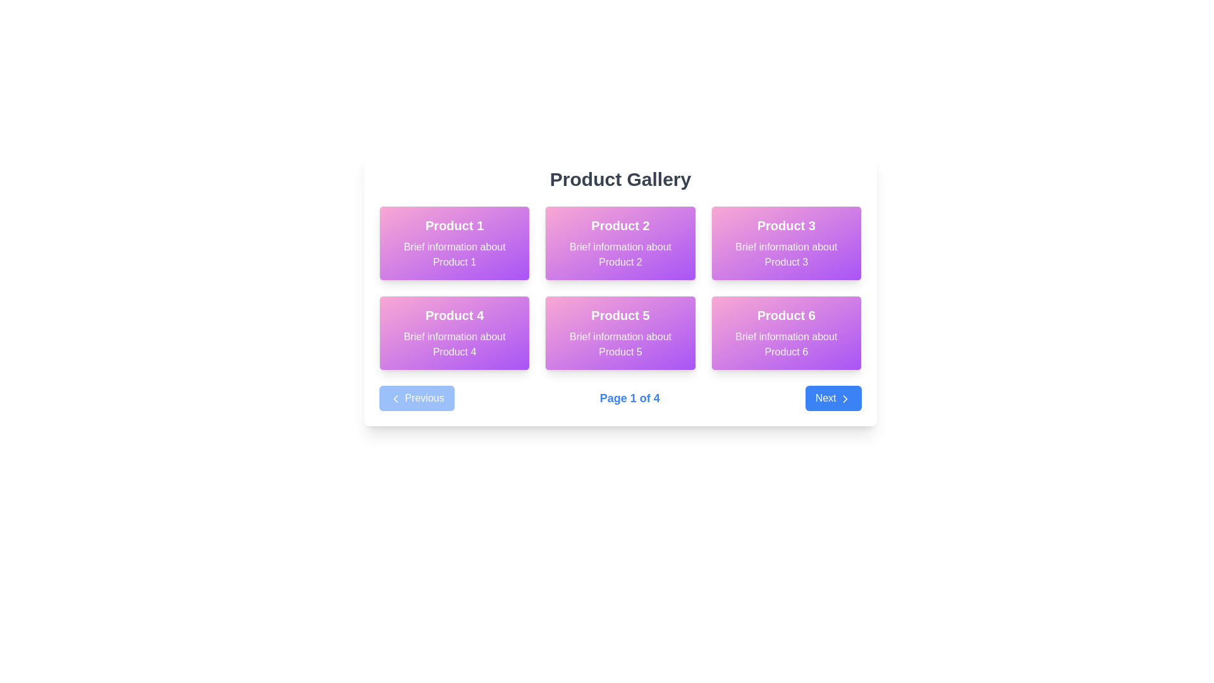 The height and width of the screenshot is (683, 1214). Describe the element at coordinates (455, 344) in the screenshot. I see `descriptive text 'Brief information about Product 4' located in the bottom section of the card labeled 'Product 4', which is styled with a gradient from pink to purple` at that location.